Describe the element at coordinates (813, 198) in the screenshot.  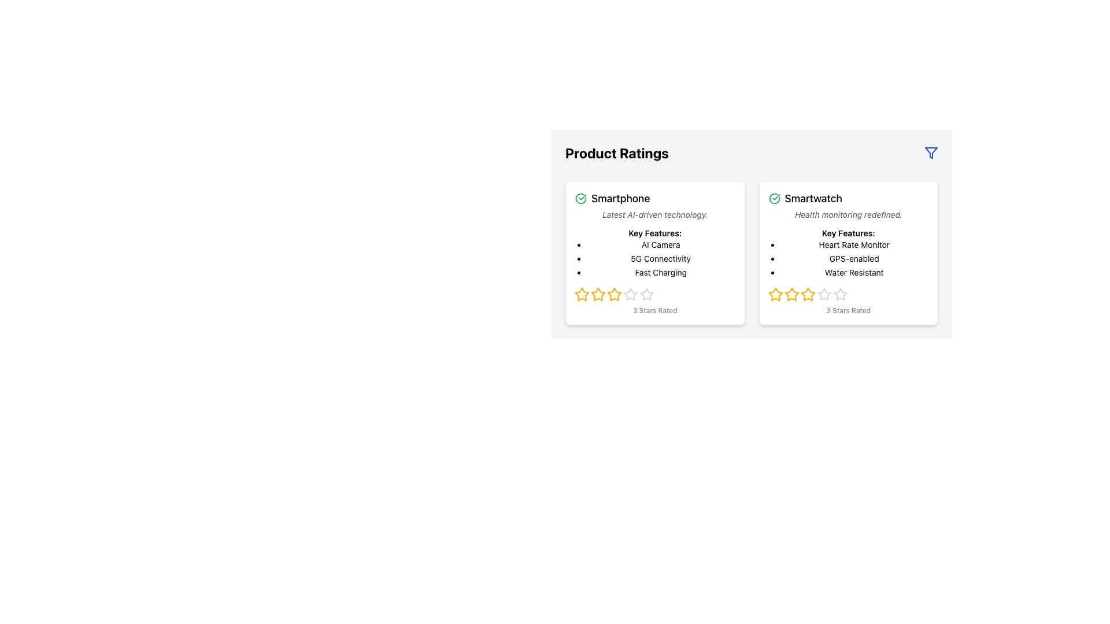
I see `bold text label displaying the word 'Smartwatch', which is styled with a larger font size and located beneath the 'Product Ratings' heading in the second card of the rightmost column` at that location.